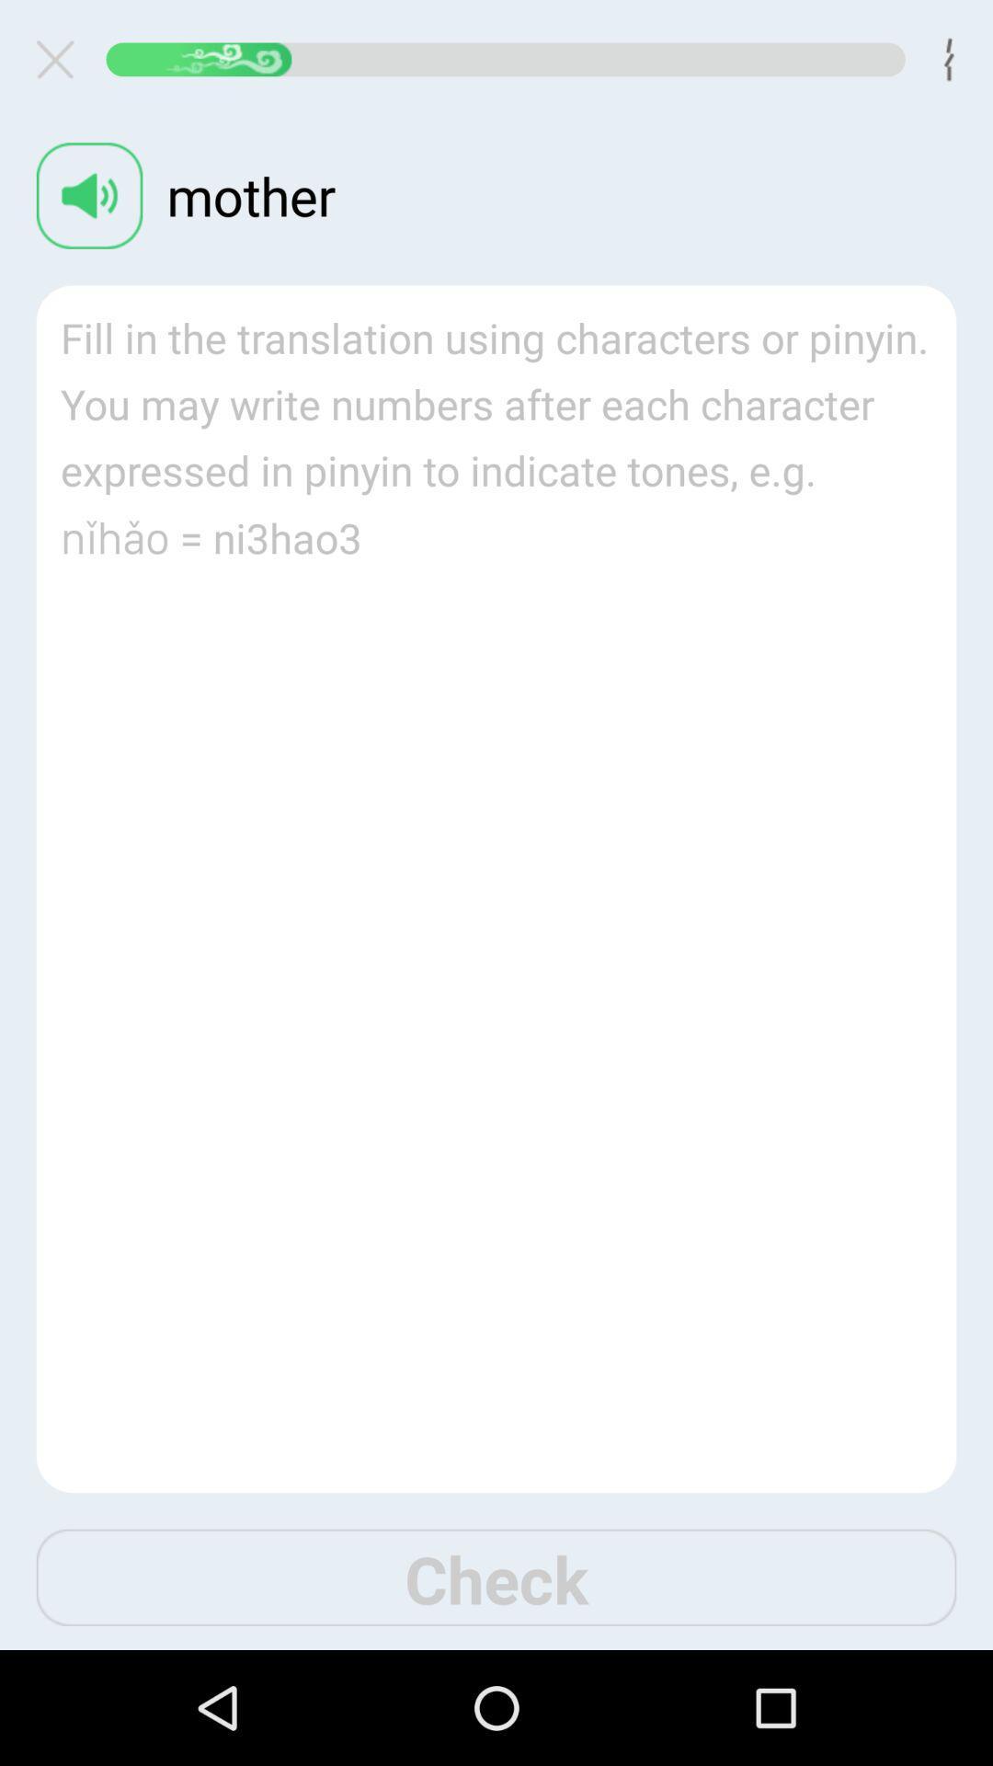  What do you see at coordinates (62, 63) in the screenshot?
I see `the close icon` at bounding box center [62, 63].